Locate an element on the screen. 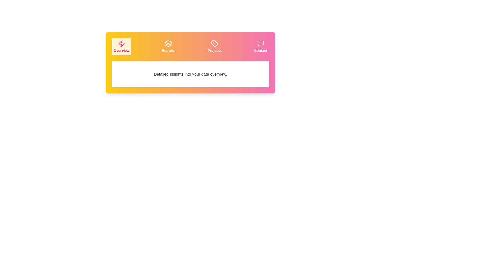 Image resolution: width=485 pixels, height=272 pixels. the 'Projects' text label in the horizontally aligned menu bar, which is located between the 'Reports' and 'Contact' items is located at coordinates (214, 50).